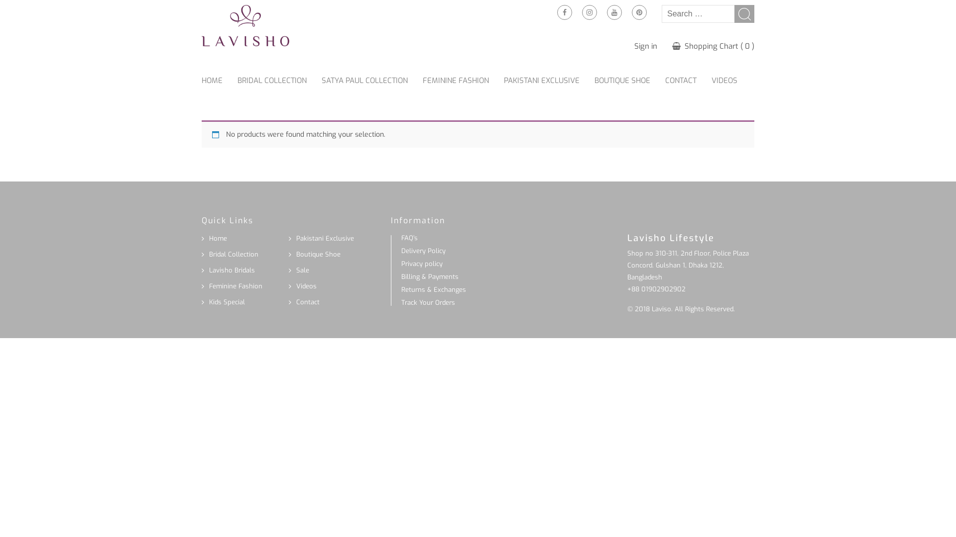  Describe the element at coordinates (645, 46) in the screenshot. I see `'Sign in'` at that location.